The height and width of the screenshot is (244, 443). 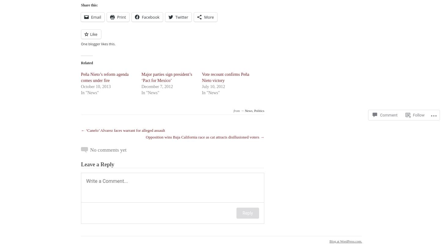 I want to click on 'Politics', so click(x=258, y=110).